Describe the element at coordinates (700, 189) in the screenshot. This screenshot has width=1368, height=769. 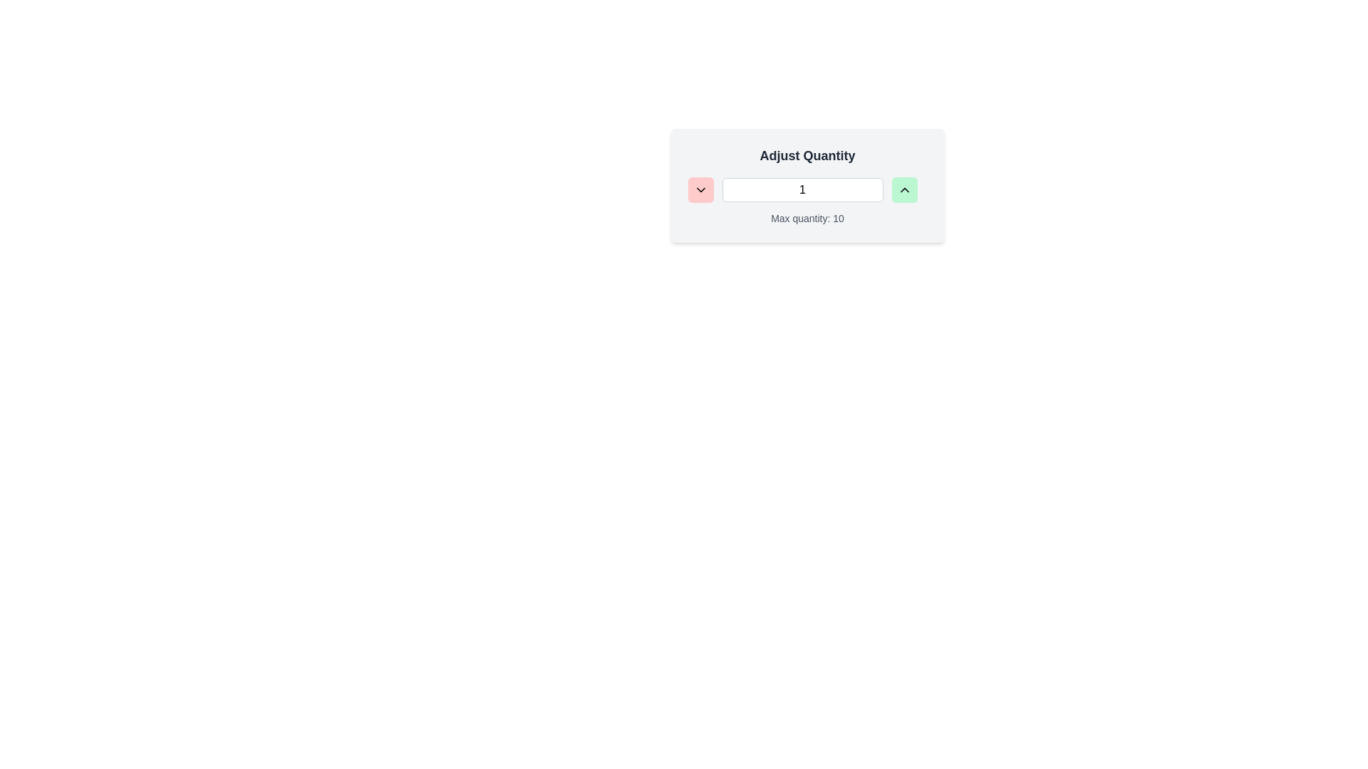
I see `the downward arrow icon within the left control button of the quantity adjustment panel` at that location.